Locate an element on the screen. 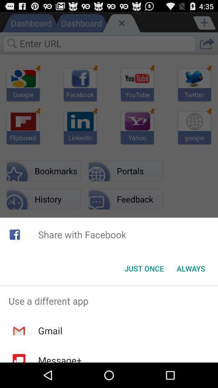 This screenshot has height=388, width=218. app above gmail icon is located at coordinates (109, 300).